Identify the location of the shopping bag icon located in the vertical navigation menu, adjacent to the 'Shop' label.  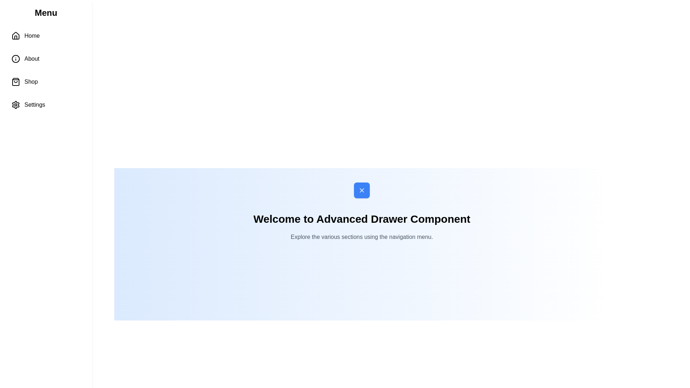
(15, 81).